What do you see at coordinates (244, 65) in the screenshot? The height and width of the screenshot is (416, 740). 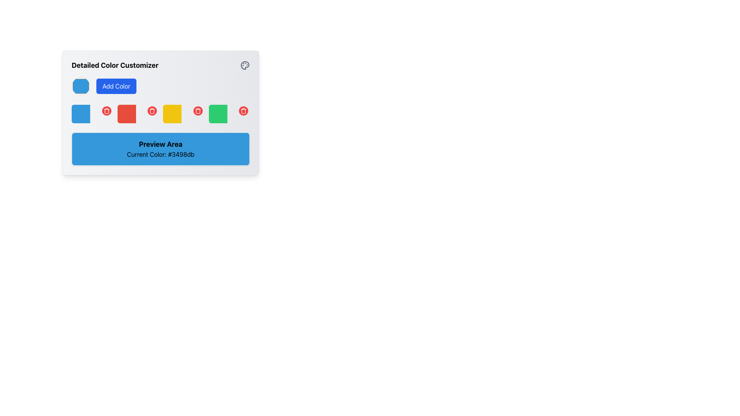 I see `the color selection tool icon located at the top-right corner of the interface` at bounding box center [244, 65].